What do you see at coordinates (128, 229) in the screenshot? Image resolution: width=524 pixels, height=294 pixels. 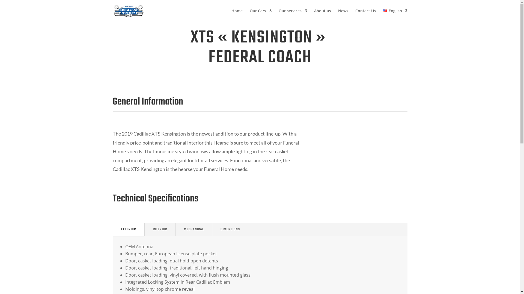 I see `'EXTERIOR'` at bounding box center [128, 229].